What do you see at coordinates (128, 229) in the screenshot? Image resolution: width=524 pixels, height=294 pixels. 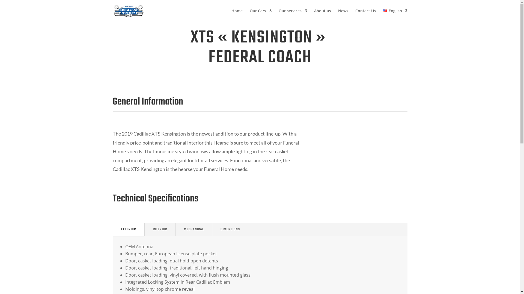 I see `'EXTERIOR'` at bounding box center [128, 229].